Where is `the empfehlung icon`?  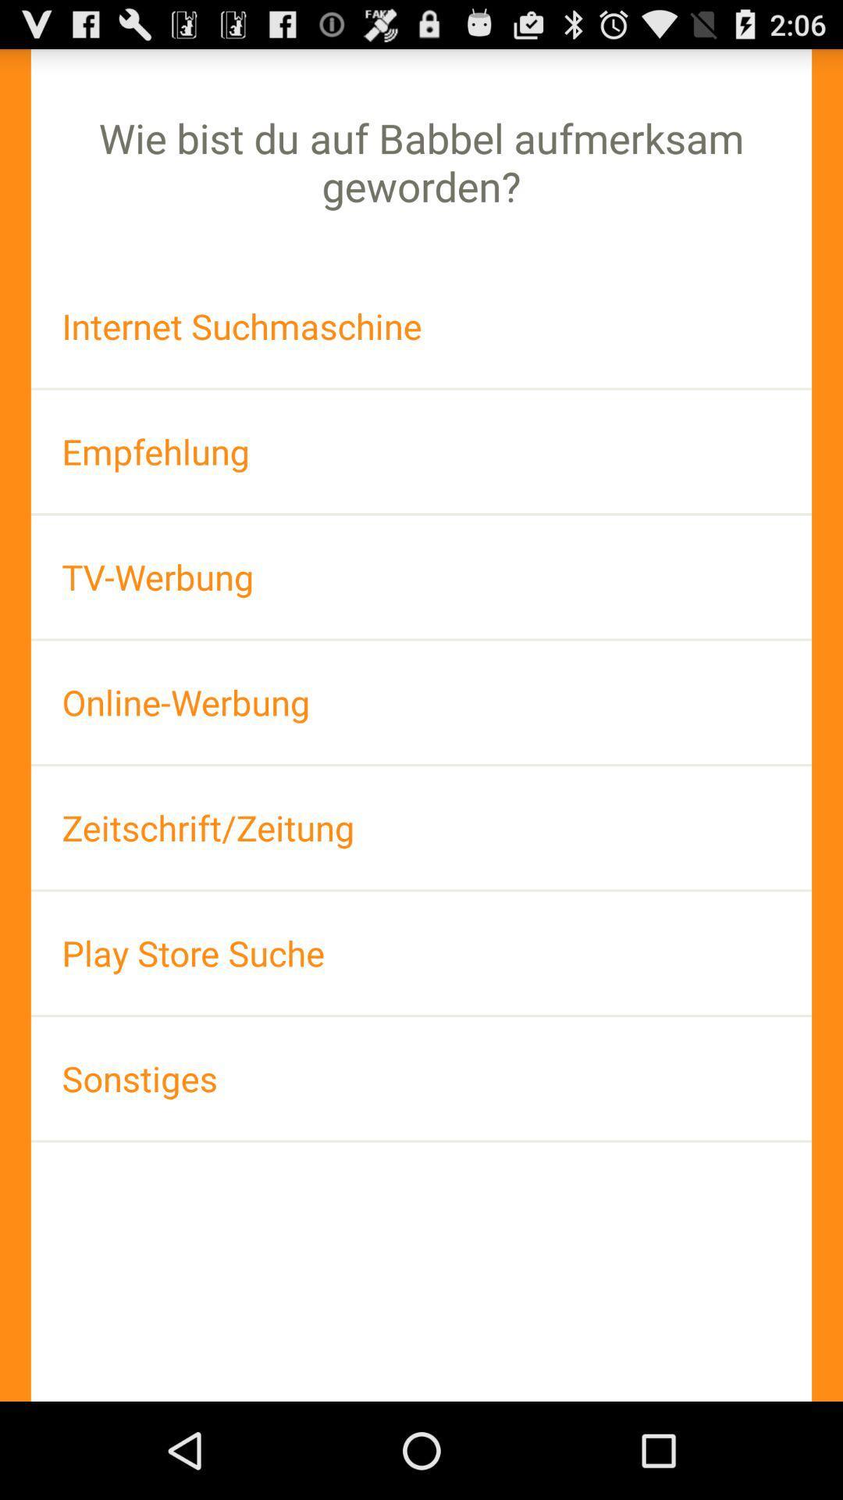 the empfehlung icon is located at coordinates (421, 451).